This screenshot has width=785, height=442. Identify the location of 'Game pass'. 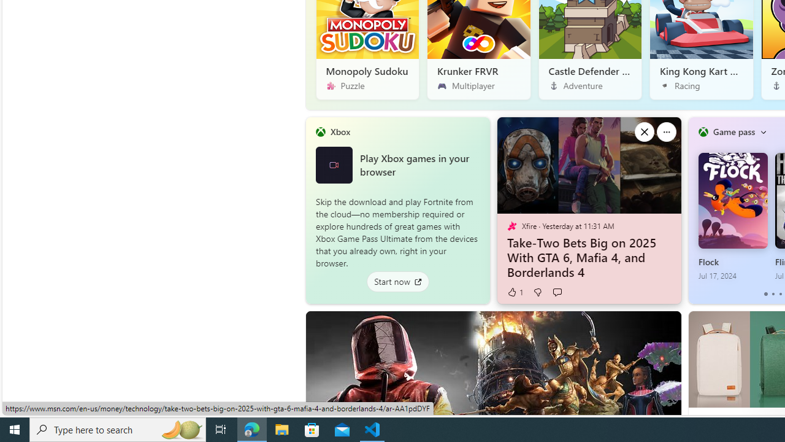
(733, 131).